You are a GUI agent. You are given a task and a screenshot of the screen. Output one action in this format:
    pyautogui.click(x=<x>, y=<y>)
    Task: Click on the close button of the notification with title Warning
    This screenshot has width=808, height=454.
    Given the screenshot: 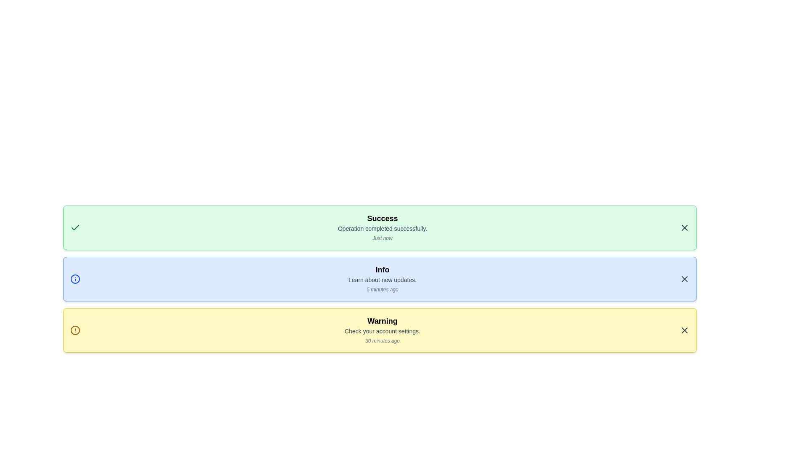 What is the action you would take?
    pyautogui.click(x=685, y=330)
    